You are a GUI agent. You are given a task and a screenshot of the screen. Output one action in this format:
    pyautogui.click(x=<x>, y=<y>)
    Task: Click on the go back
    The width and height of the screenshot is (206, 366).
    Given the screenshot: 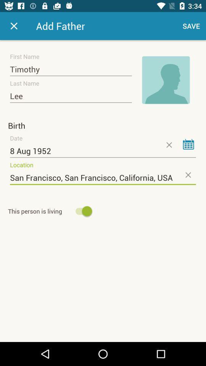 What is the action you would take?
    pyautogui.click(x=14, y=26)
    